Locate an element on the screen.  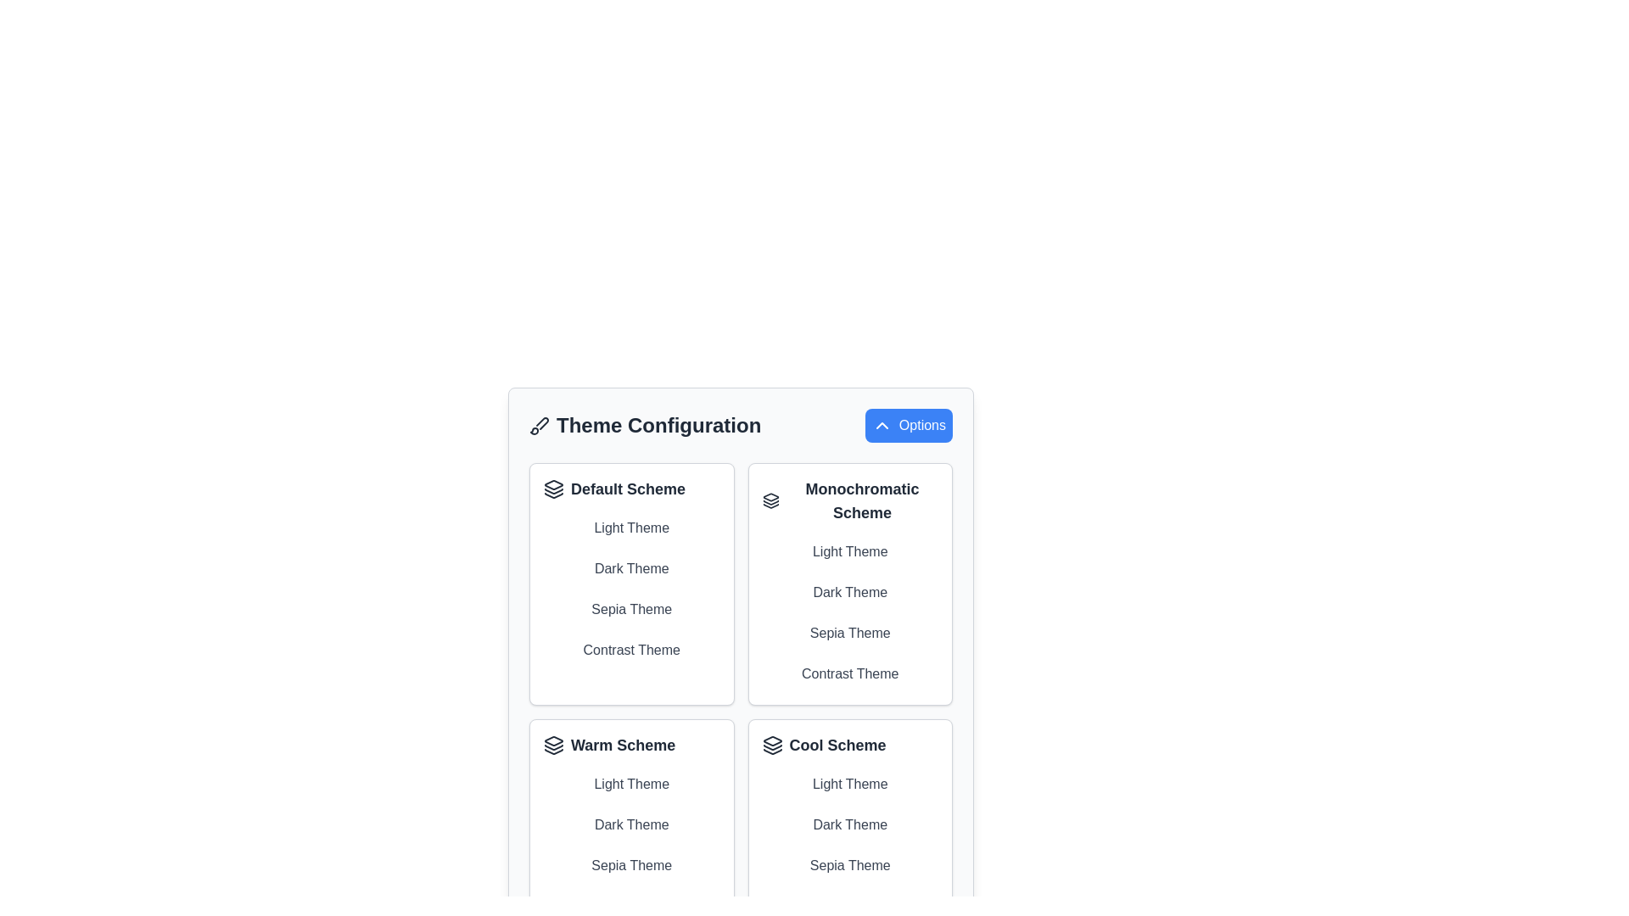
the Text with Icon that indicates the title of a specific theme option within the configuration panel, located in the bottom-right quadrant below the 'Warm Scheme' section and to the right of the 'Monochromatic Scheme' section is located at coordinates (850, 745).